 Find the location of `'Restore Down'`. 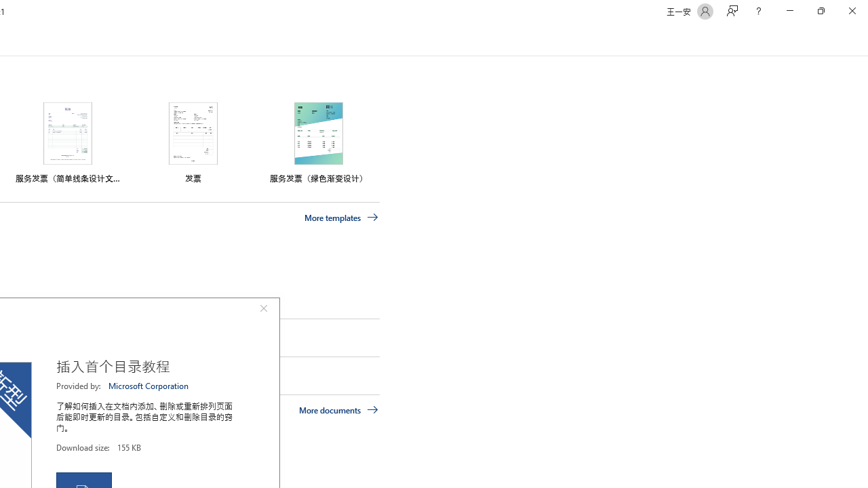

'Restore Down' is located at coordinates (820, 11).